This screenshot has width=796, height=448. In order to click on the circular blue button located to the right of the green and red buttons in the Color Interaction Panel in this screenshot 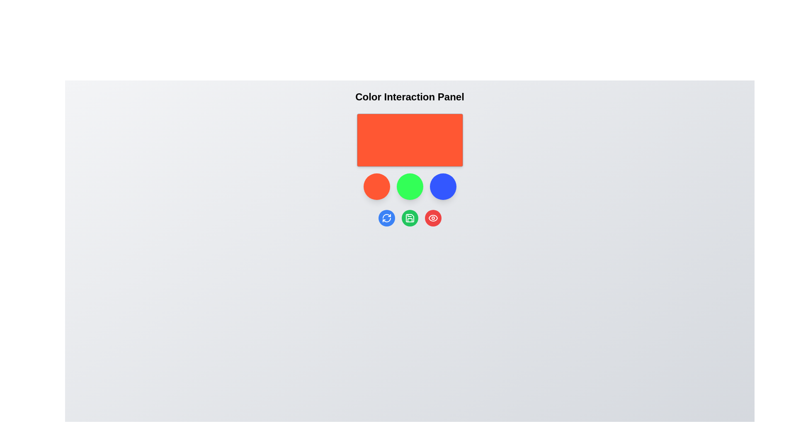, I will do `click(442, 187)`.